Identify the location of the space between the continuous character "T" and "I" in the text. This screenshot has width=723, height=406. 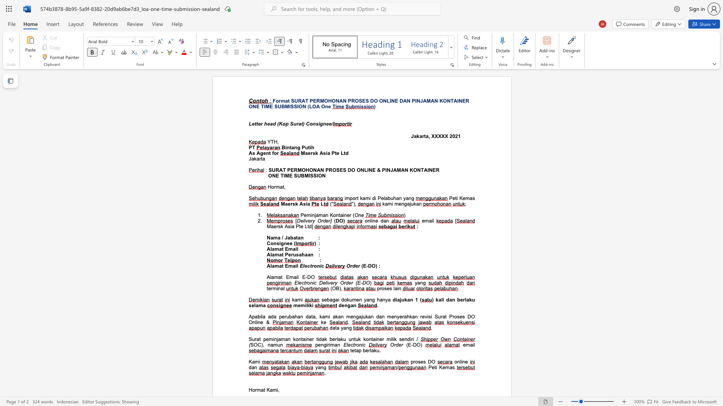
(264, 106).